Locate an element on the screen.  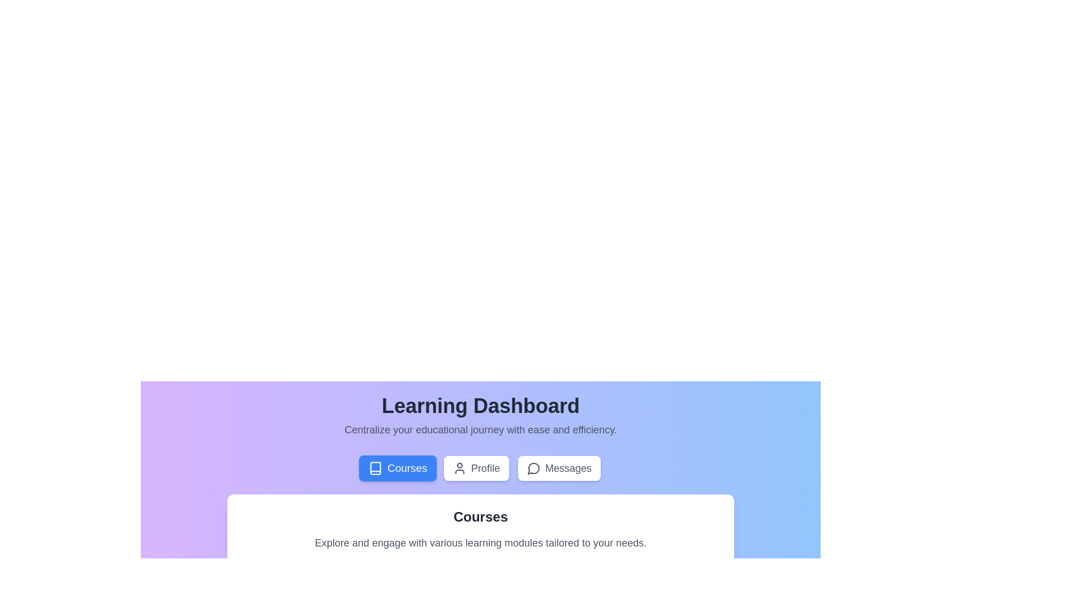
the Messages tab button to observe the hover effect is located at coordinates (559, 468).